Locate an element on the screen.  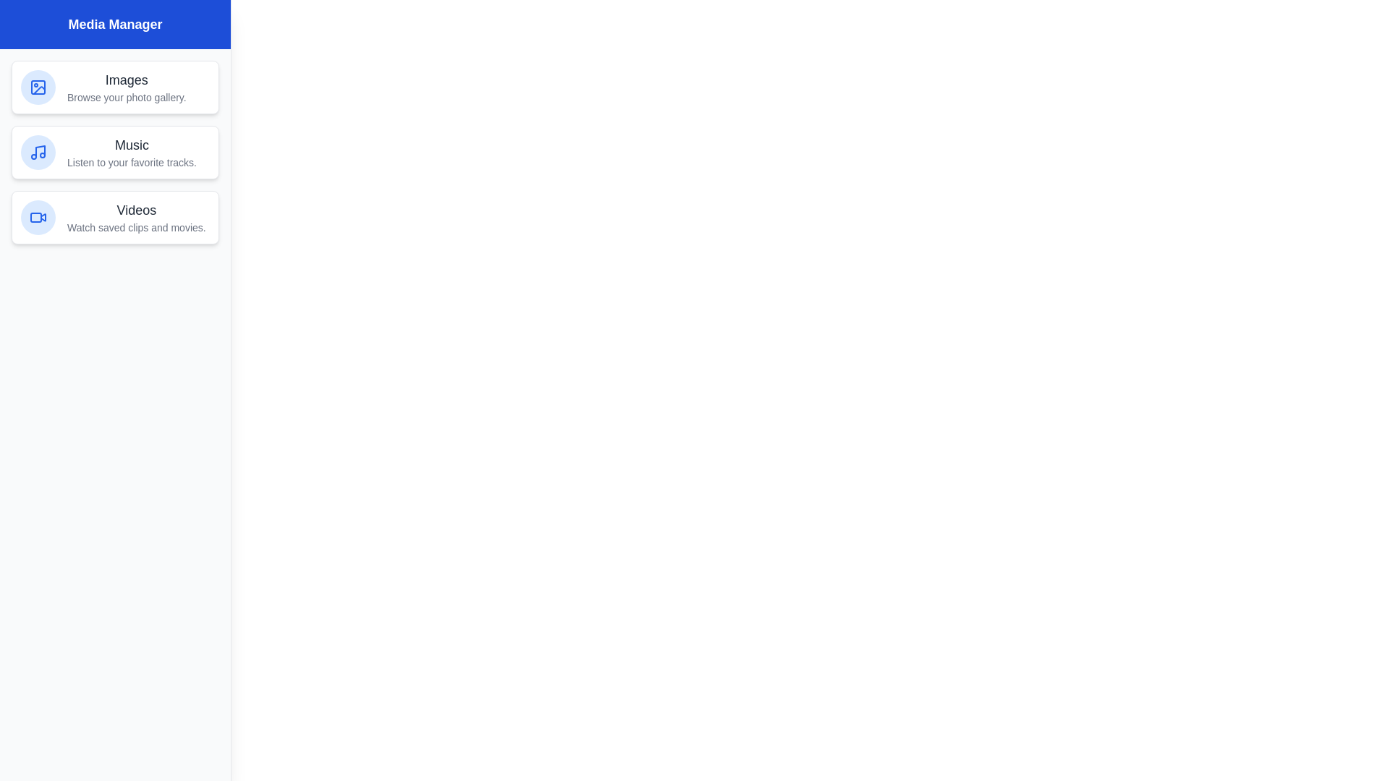
the icon of the Videos media section is located at coordinates (38, 217).